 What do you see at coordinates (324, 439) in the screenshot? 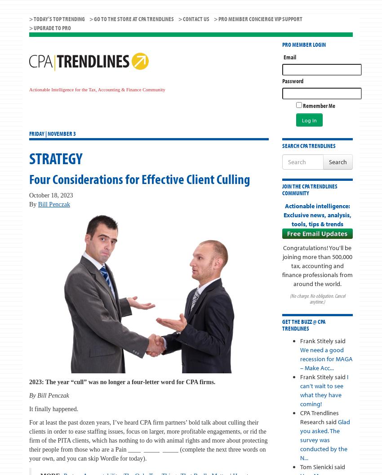
I see `'Glad you asked. 
The survey was conducted by the N...'` at bounding box center [324, 439].